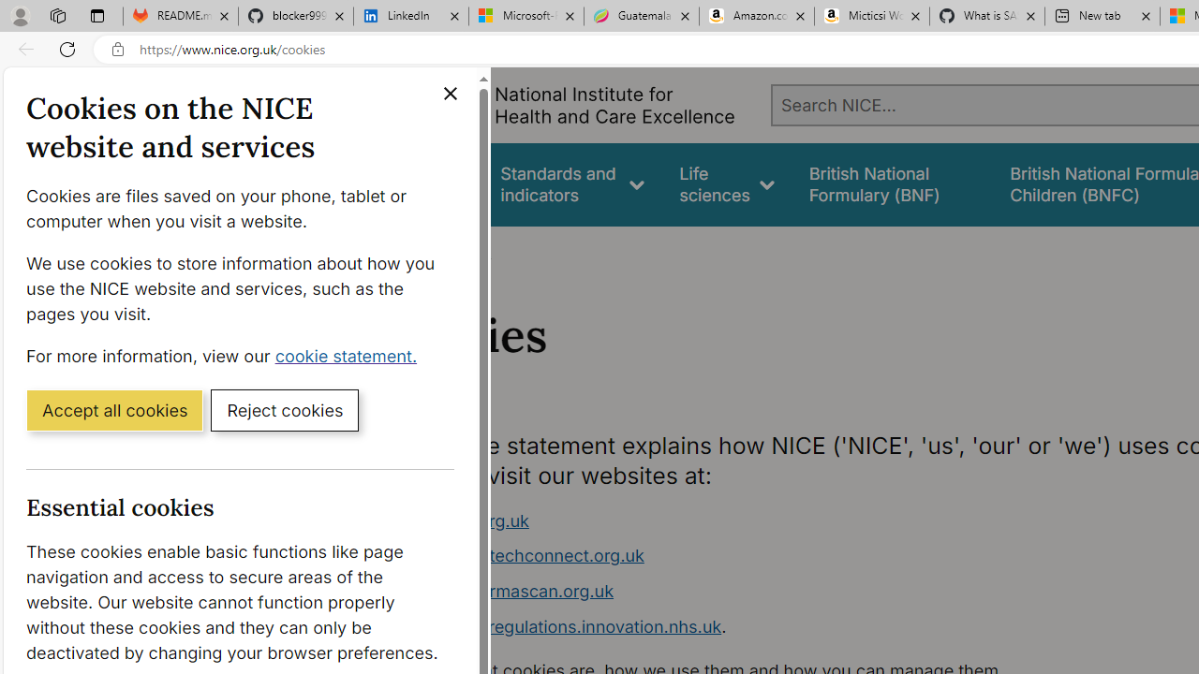 This screenshot has height=674, width=1199. What do you see at coordinates (57, 15) in the screenshot?
I see `'Workspaces'` at bounding box center [57, 15].